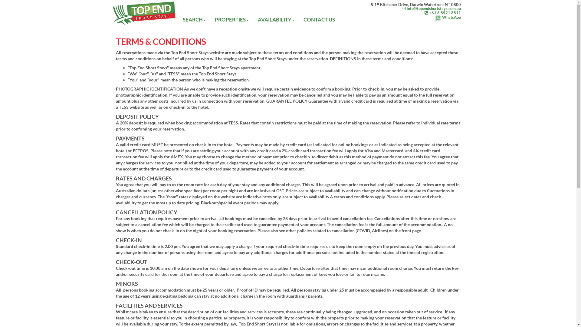 This screenshot has width=581, height=327. Describe the element at coordinates (415, 8) in the screenshot. I see `'info@topendshortstays.com.au'` at that location.